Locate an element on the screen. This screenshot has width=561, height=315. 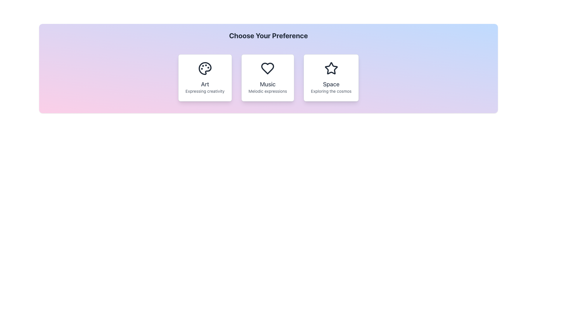
the heart icon representing the 'Music' category located under the title 'Choose Your Preference' is located at coordinates (267, 68).